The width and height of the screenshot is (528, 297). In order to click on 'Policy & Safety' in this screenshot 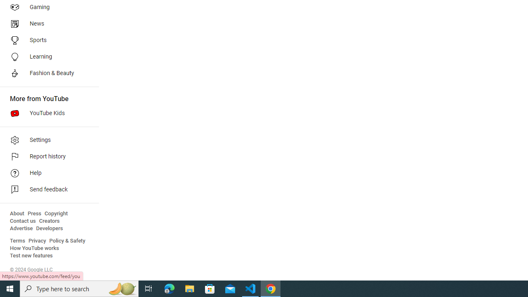, I will do `click(67, 241)`.